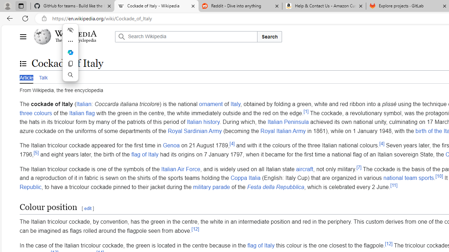 The image size is (449, 252). Describe the element at coordinates (76, 41) in the screenshot. I see `'The Free Encyclopedia'` at that location.